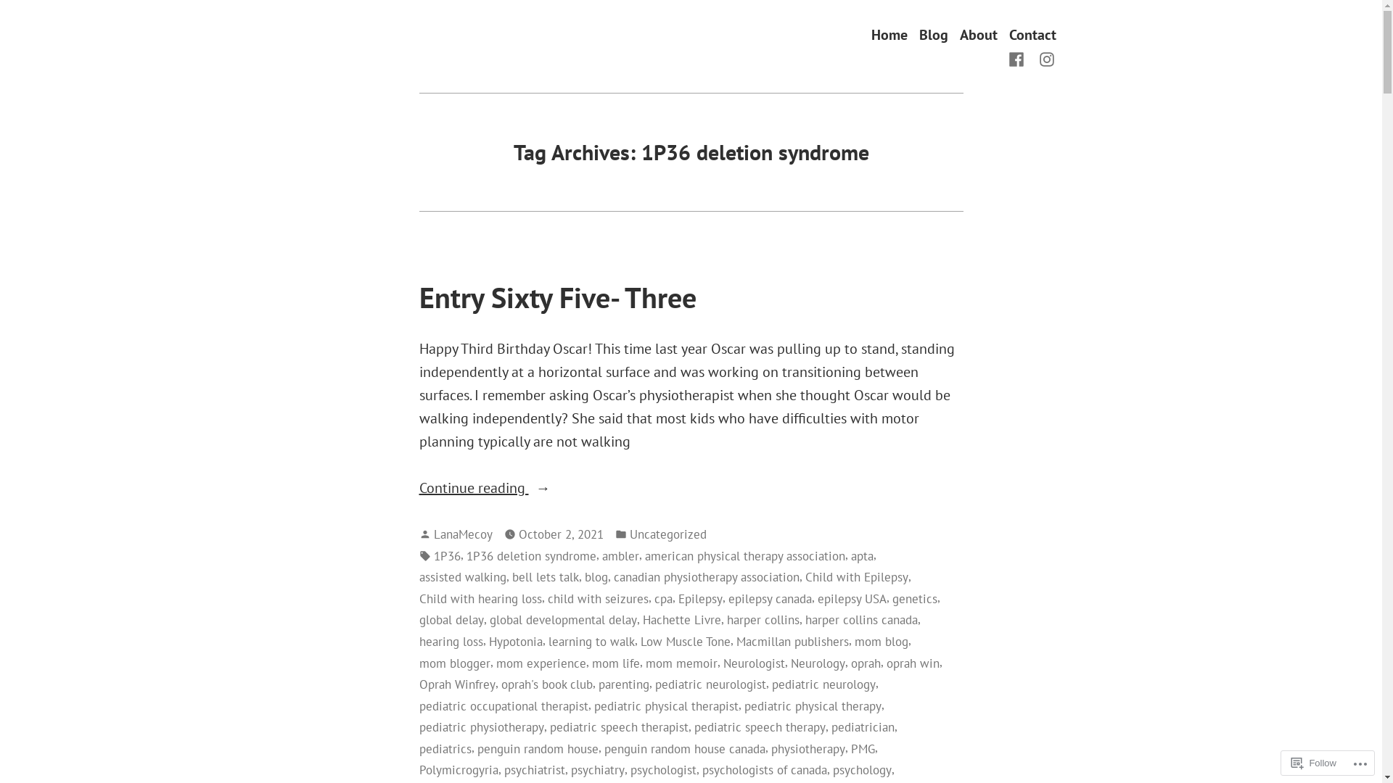 This screenshot has width=1393, height=783. What do you see at coordinates (562, 620) in the screenshot?
I see `'global developmental delay'` at bounding box center [562, 620].